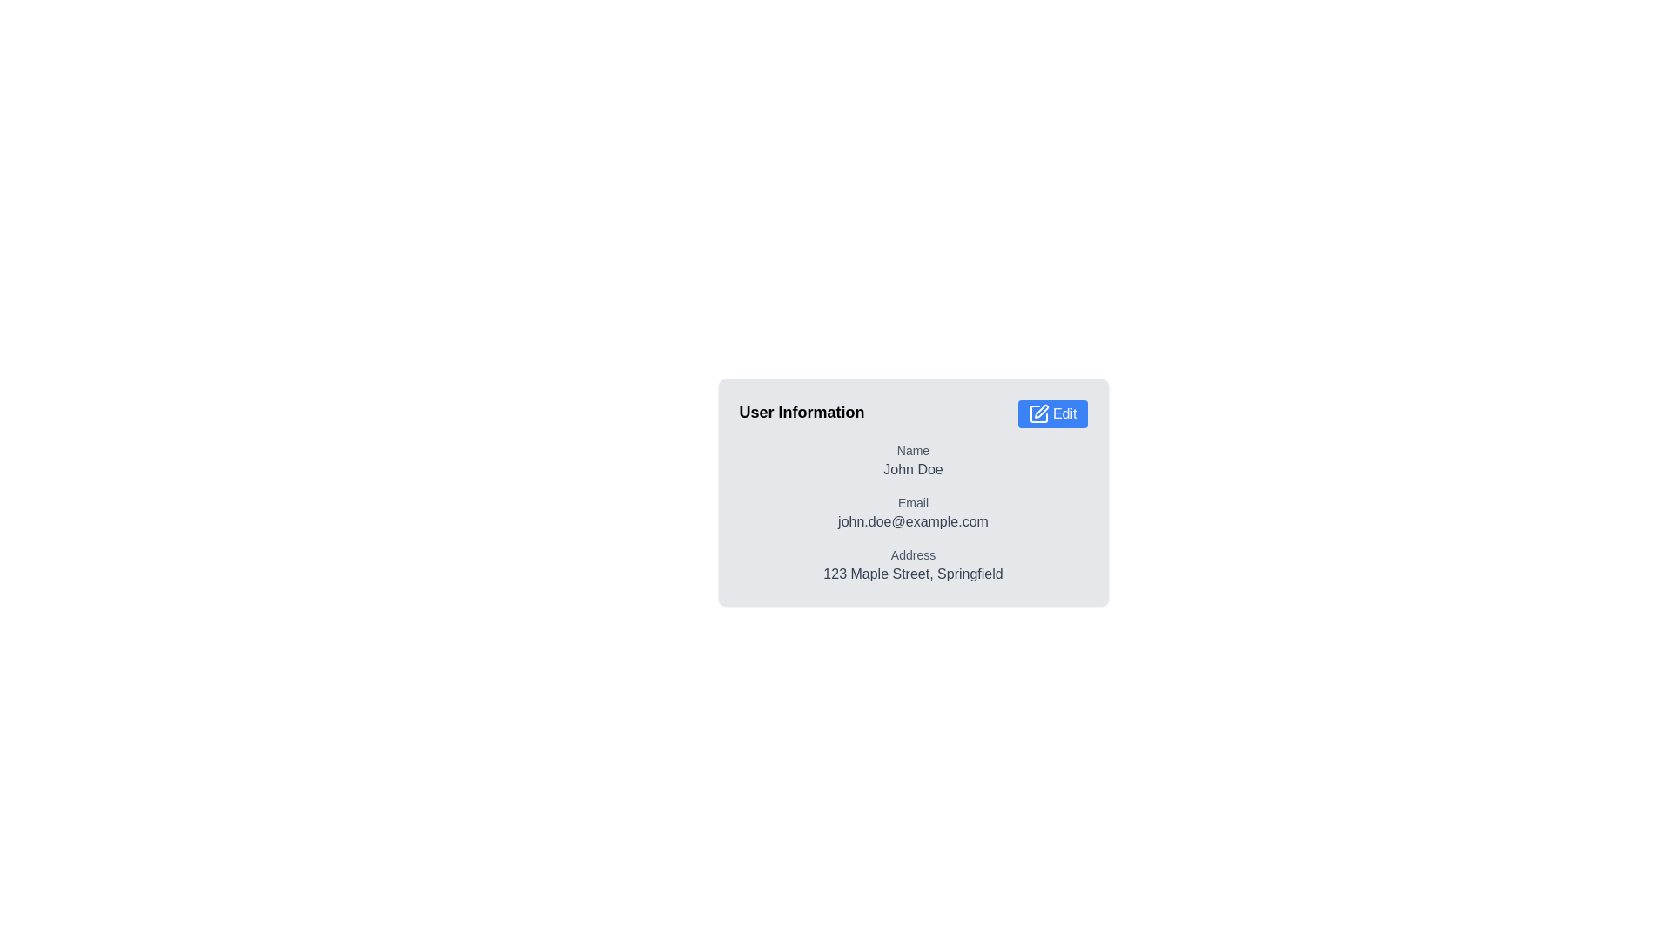 The width and height of the screenshot is (1671, 940). What do you see at coordinates (912, 554) in the screenshot?
I see `the 'Address' text label, which is styled with a small font size and gray color, located in the middle section of the 'User Information' card, above the address content` at bounding box center [912, 554].